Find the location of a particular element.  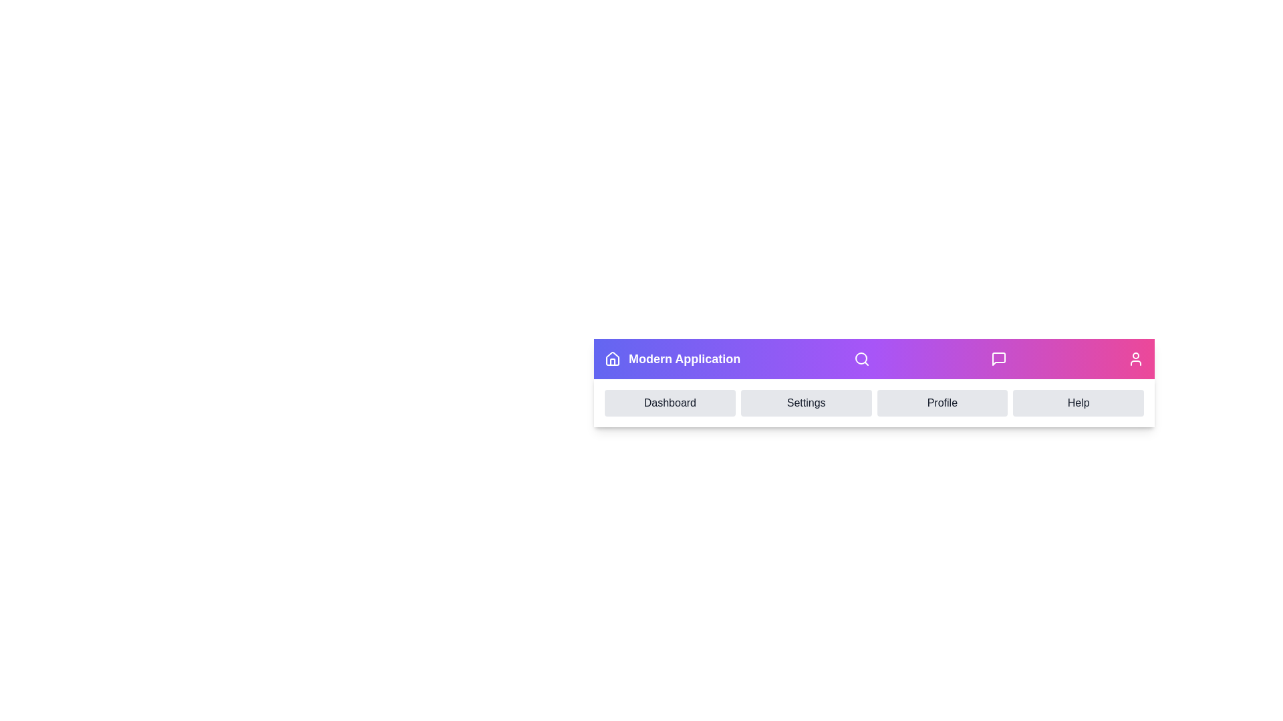

the MessageSquare icon in the top navigation bar is located at coordinates (998, 358).